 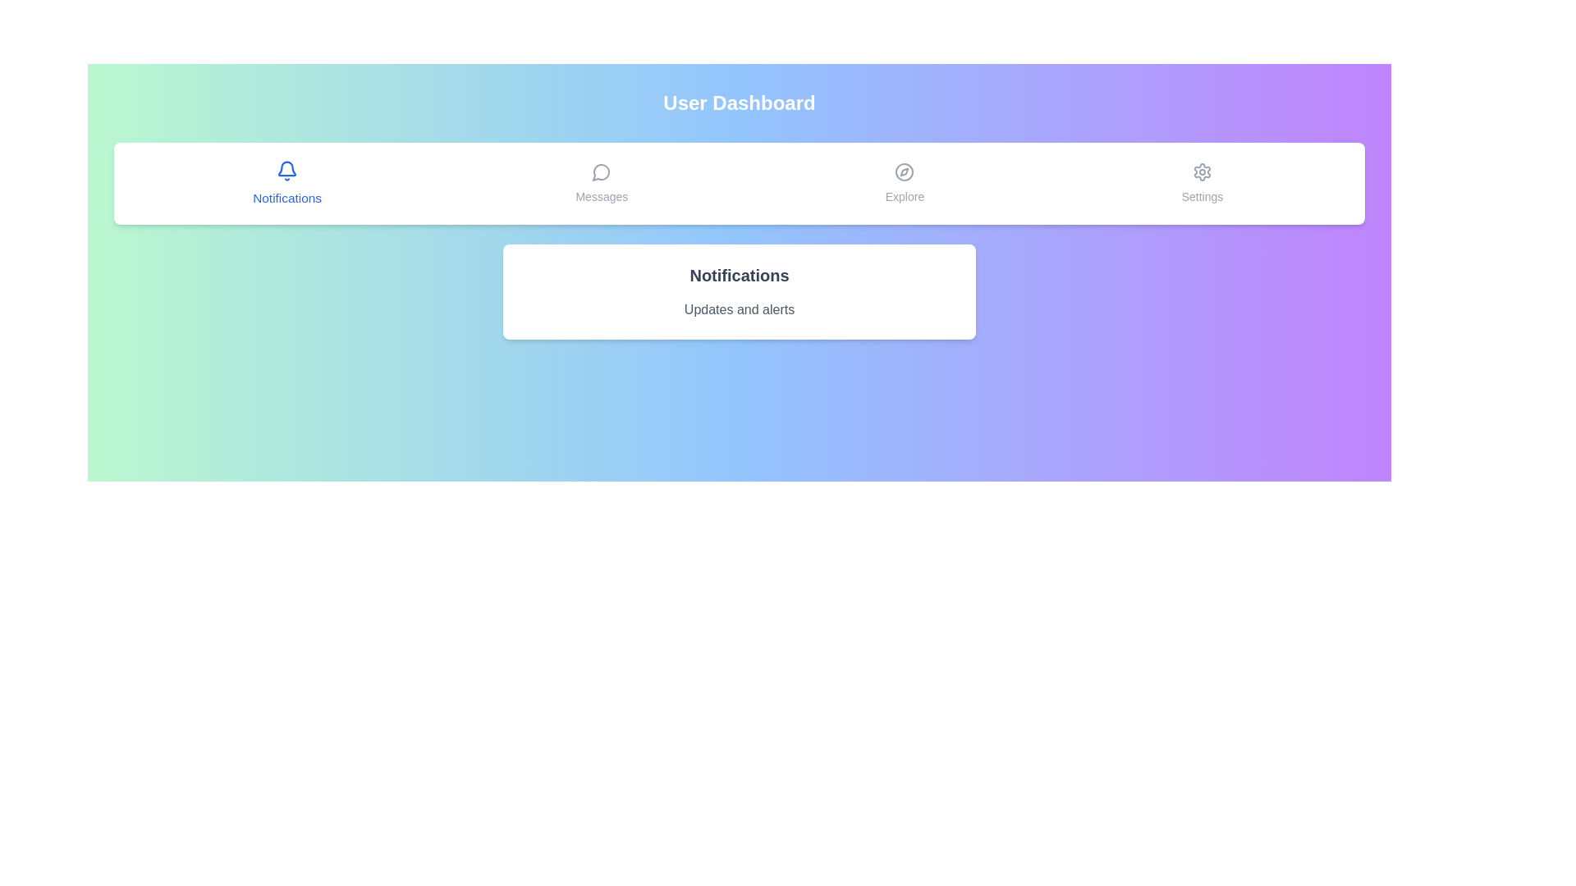 What do you see at coordinates (1202, 183) in the screenshot?
I see `the tab labeled Settings to observe its hover effect` at bounding box center [1202, 183].